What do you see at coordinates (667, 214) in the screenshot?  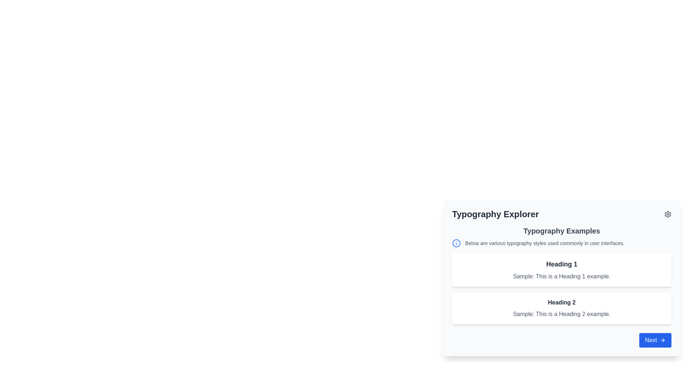 I see `the circular gear icon in the top-right corner of the 'Typography Explorer' panel, styled in gray` at bounding box center [667, 214].